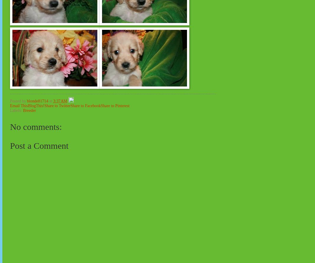 This screenshot has height=263, width=315. I want to click on 'BlogThis!', so click(27, 105).